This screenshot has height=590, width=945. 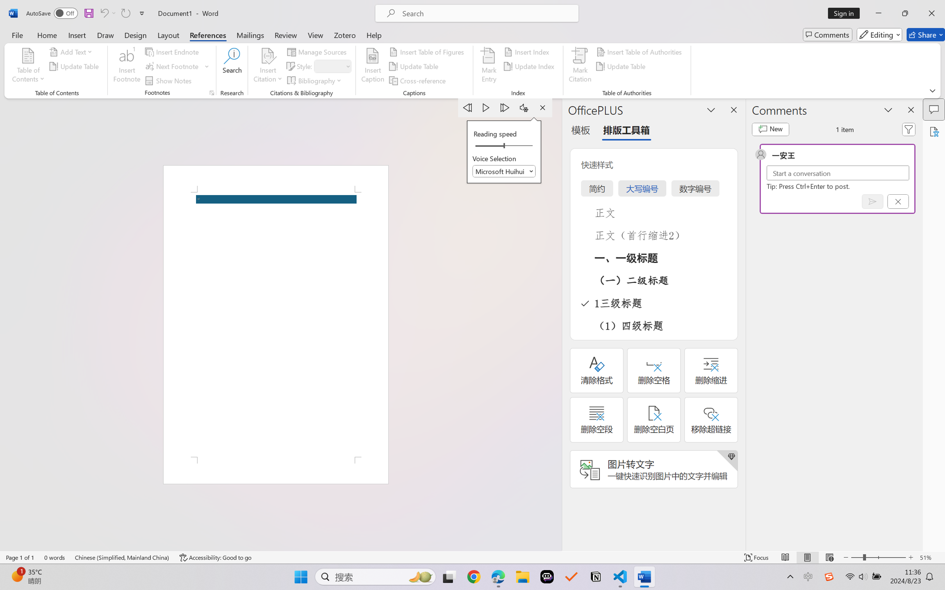 What do you see at coordinates (489, 66) in the screenshot?
I see `'Mark Entry...'` at bounding box center [489, 66].